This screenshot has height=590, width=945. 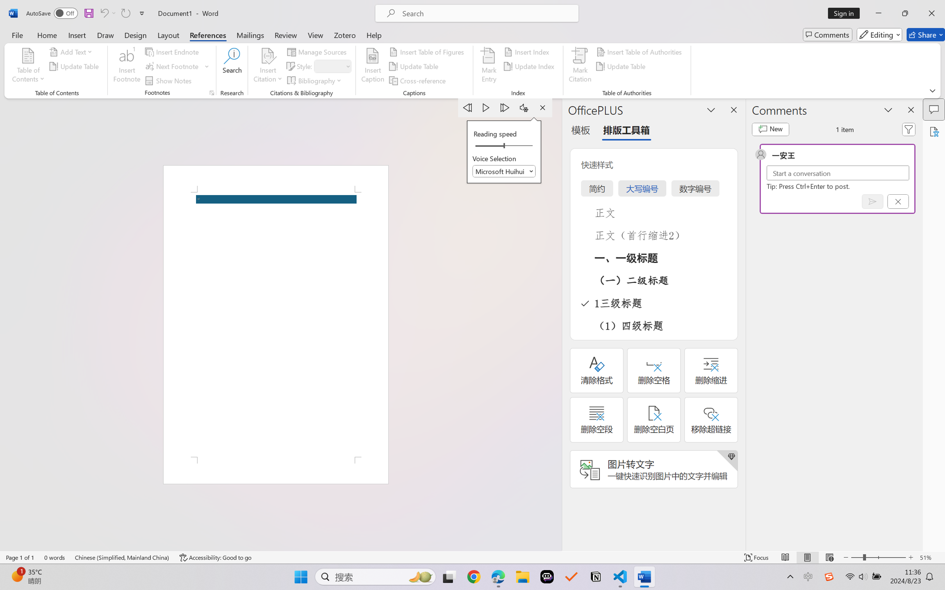 What do you see at coordinates (489, 66) in the screenshot?
I see `'Mark Entry...'` at bounding box center [489, 66].